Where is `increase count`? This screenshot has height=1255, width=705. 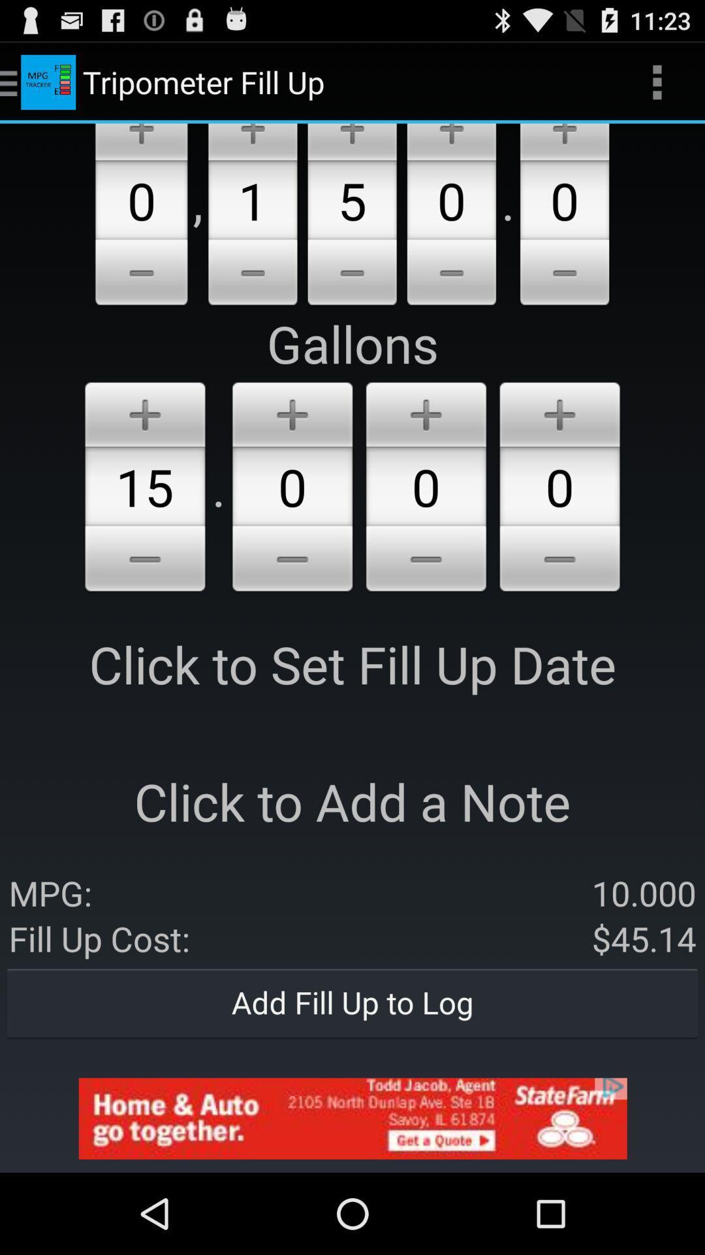 increase count is located at coordinates (253, 142).